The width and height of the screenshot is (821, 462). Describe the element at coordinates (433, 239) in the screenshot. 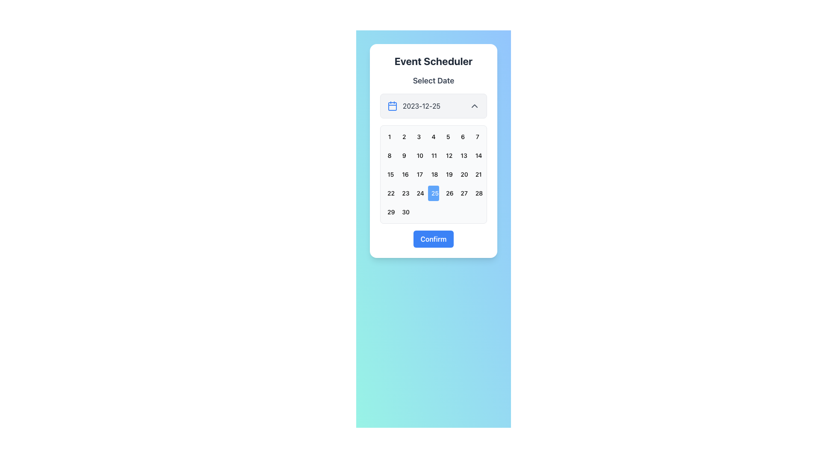

I see `the 'Confirm' button, which is a rectangular button with a blue background and white text, located at the bottom of a modal window` at that location.